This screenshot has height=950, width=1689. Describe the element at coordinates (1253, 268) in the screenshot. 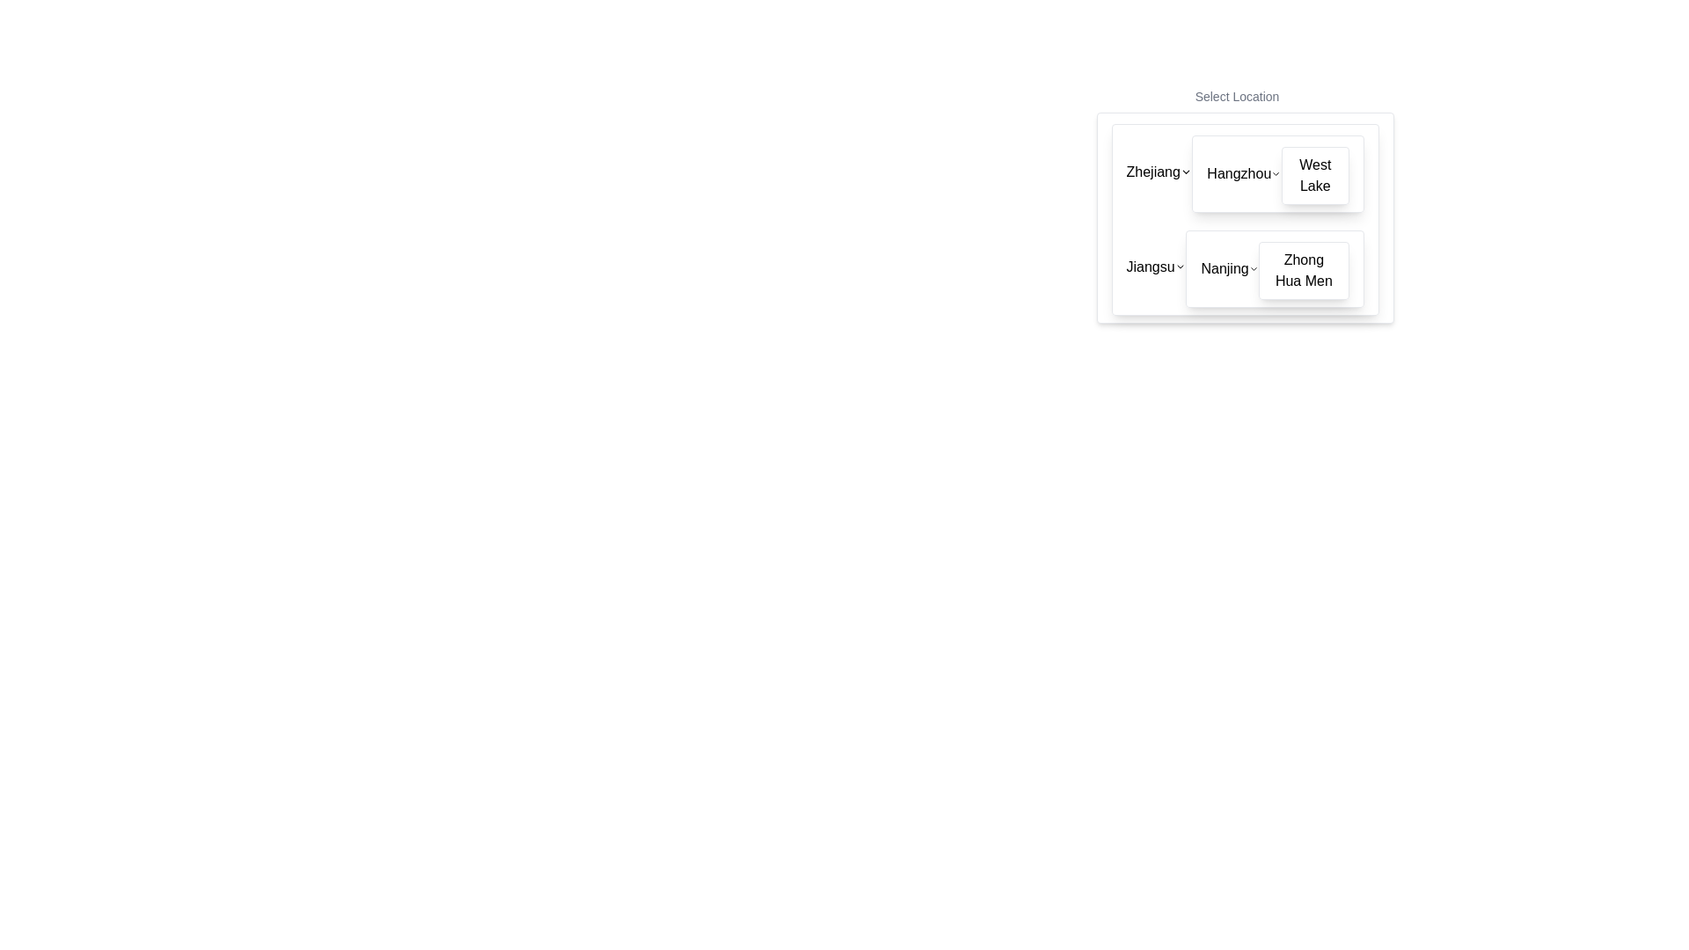

I see `the downward-pointing chevron icon next to the text 'Nanjing'` at that location.